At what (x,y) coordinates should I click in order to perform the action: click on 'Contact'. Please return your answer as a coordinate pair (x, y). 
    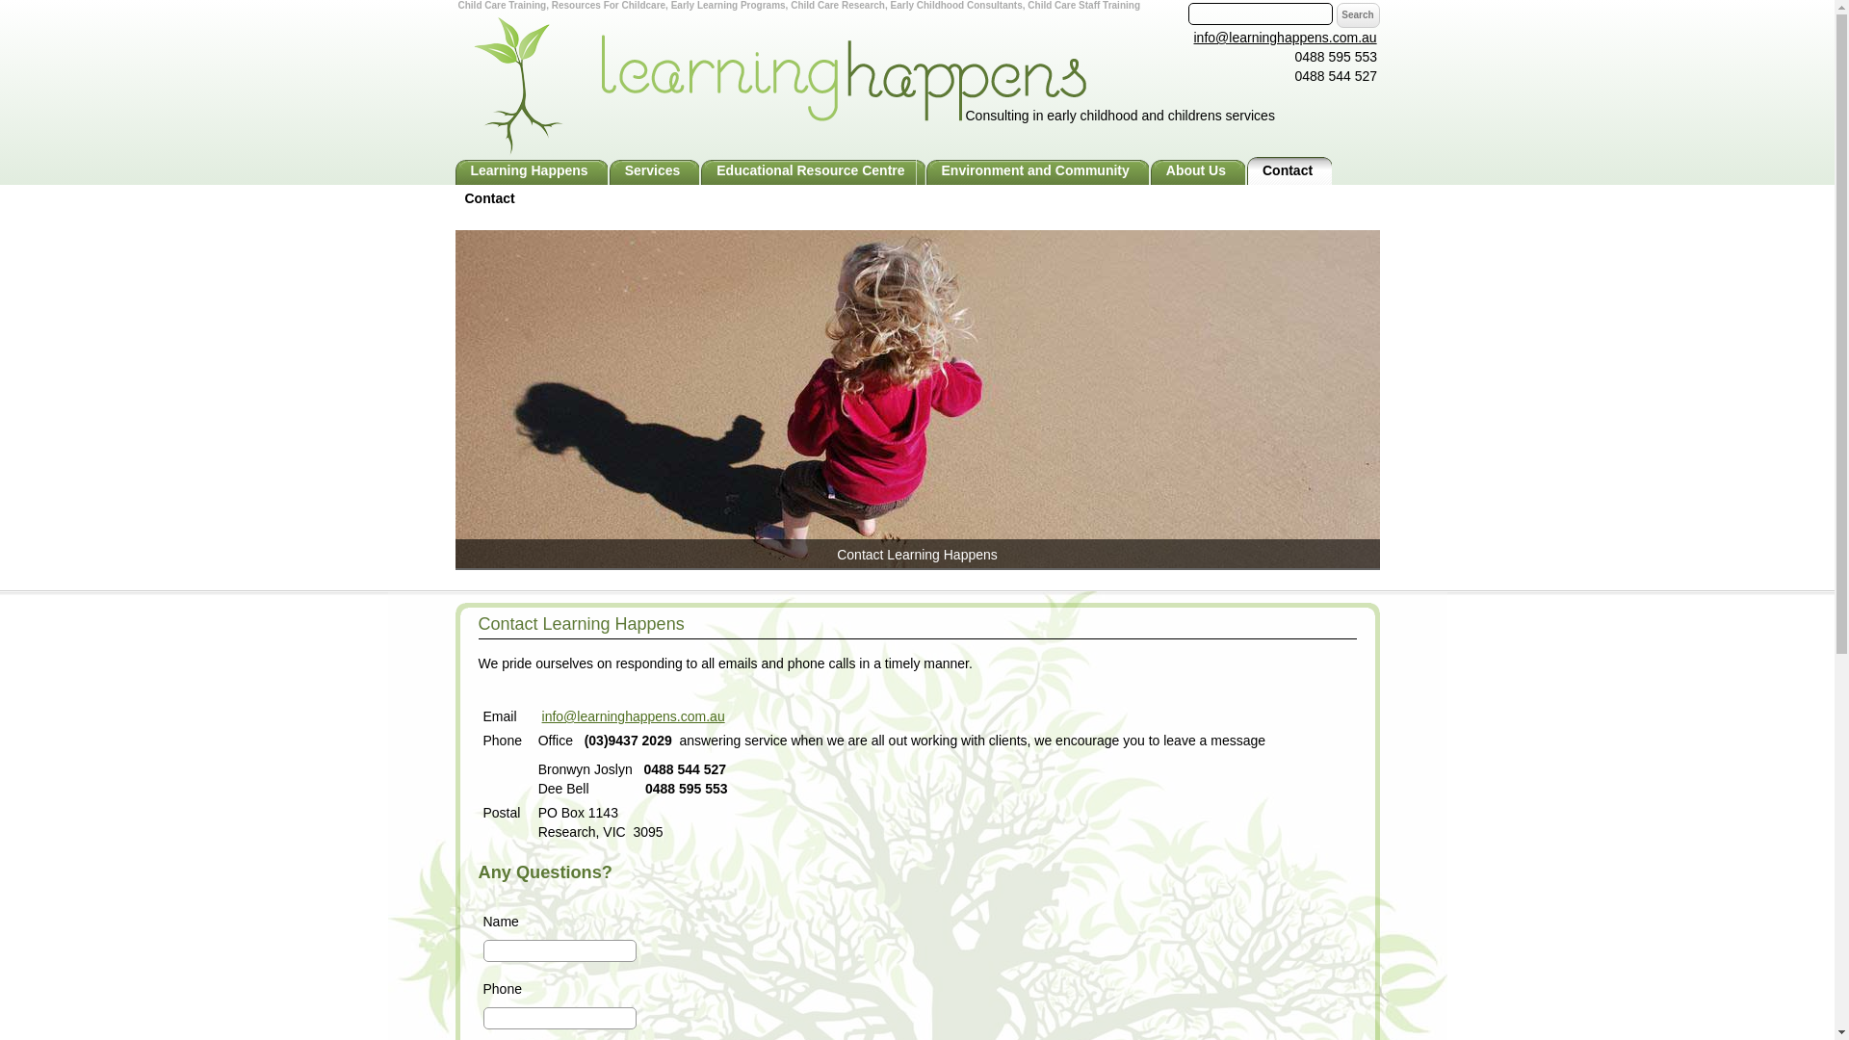
    Looking at the image, I should click on (1289, 169).